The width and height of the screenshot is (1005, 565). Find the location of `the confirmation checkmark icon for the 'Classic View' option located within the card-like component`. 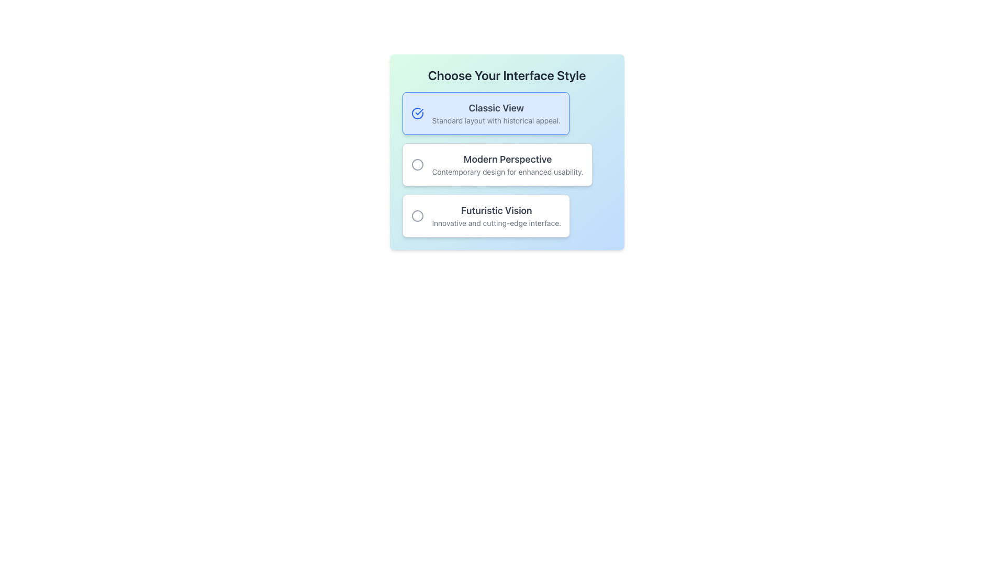

the confirmation checkmark icon for the 'Classic View' option located within the card-like component is located at coordinates (417, 113).